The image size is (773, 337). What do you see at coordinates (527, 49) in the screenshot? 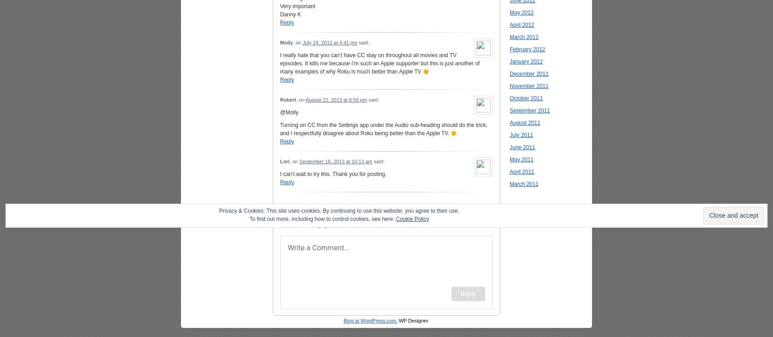
I see `'February 2012'` at bounding box center [527, 49].